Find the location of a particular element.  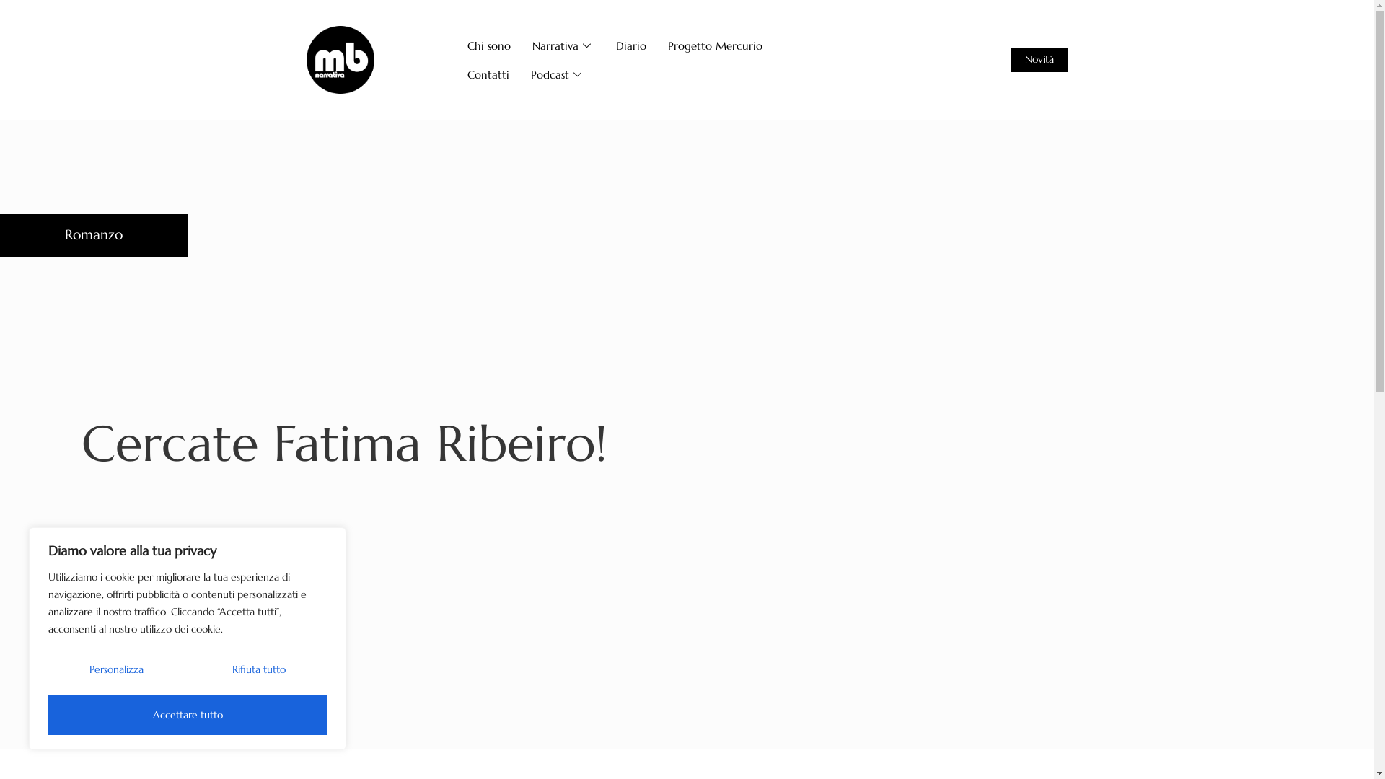

'Accettare tutto' is located at coordinates (186, 715).